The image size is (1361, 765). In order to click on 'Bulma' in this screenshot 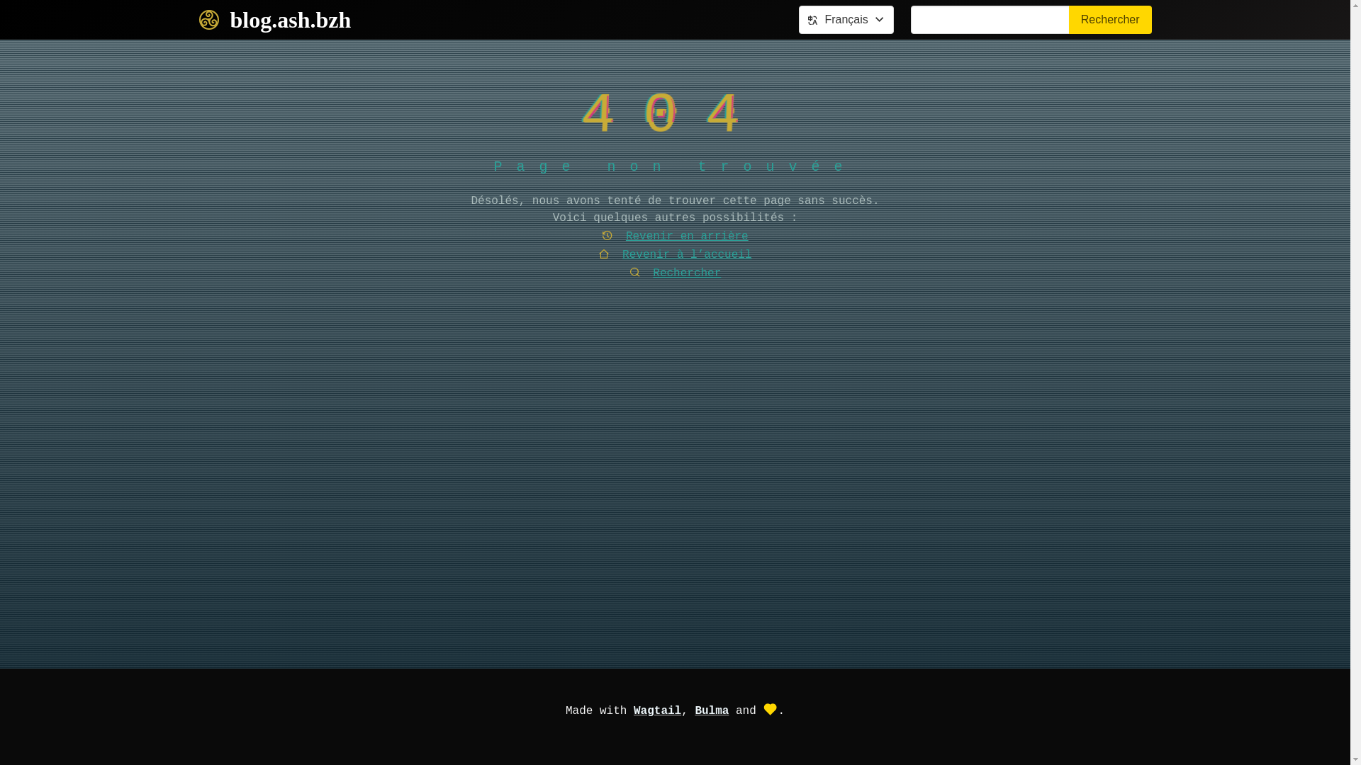, I will do `click(711, 710)`.